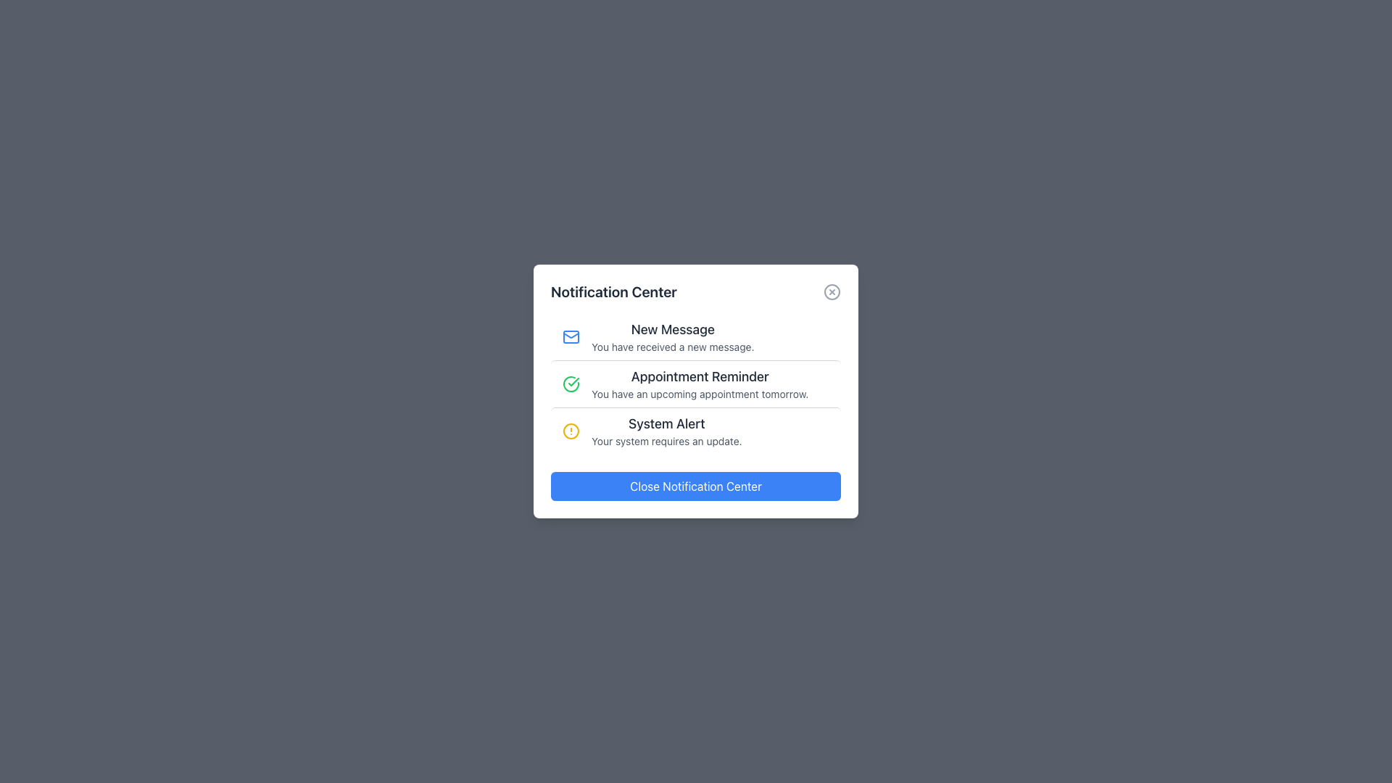 The image size is (1392, 783). What do you see at coordinates (696, 337) in the screenshot?
I see `the 'New Message' notification item in the Notification Center to interact with it` at bounding box center [696, 337].